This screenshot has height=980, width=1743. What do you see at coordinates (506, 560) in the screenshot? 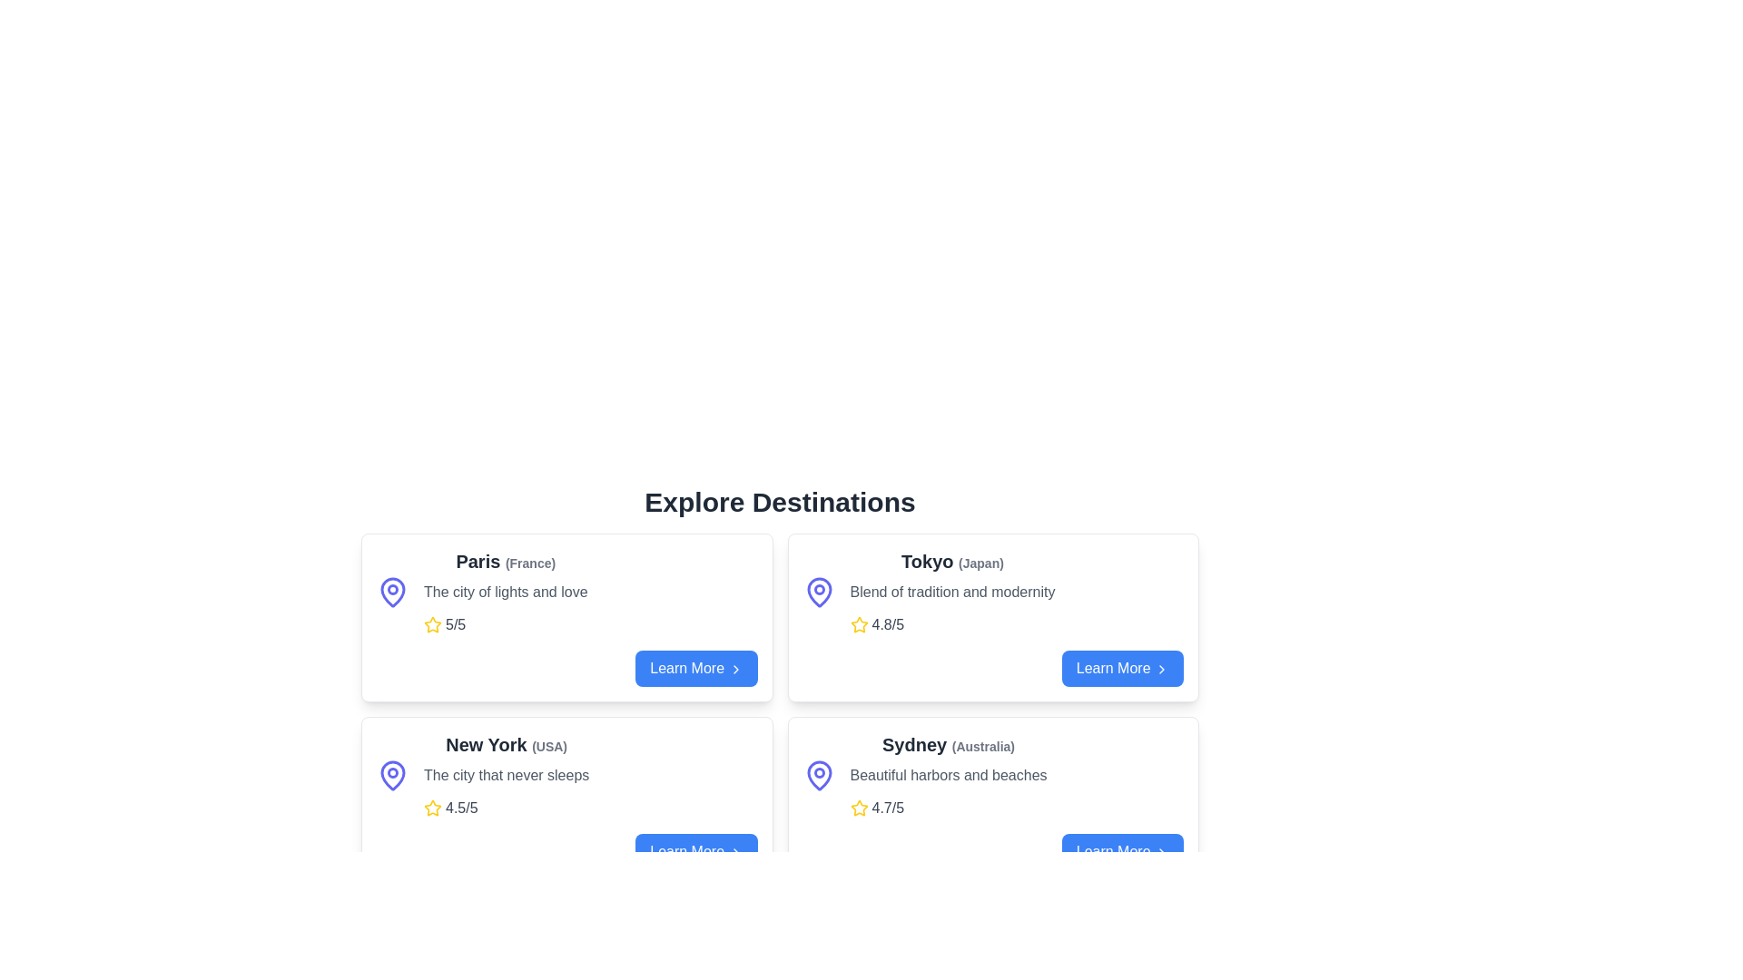
I see `the text element displaying the city name 'Paris' and its regional context '(France)', which is located at the top left of a card in the first row and first column of a grid structure` at bounding box center [506, 560].